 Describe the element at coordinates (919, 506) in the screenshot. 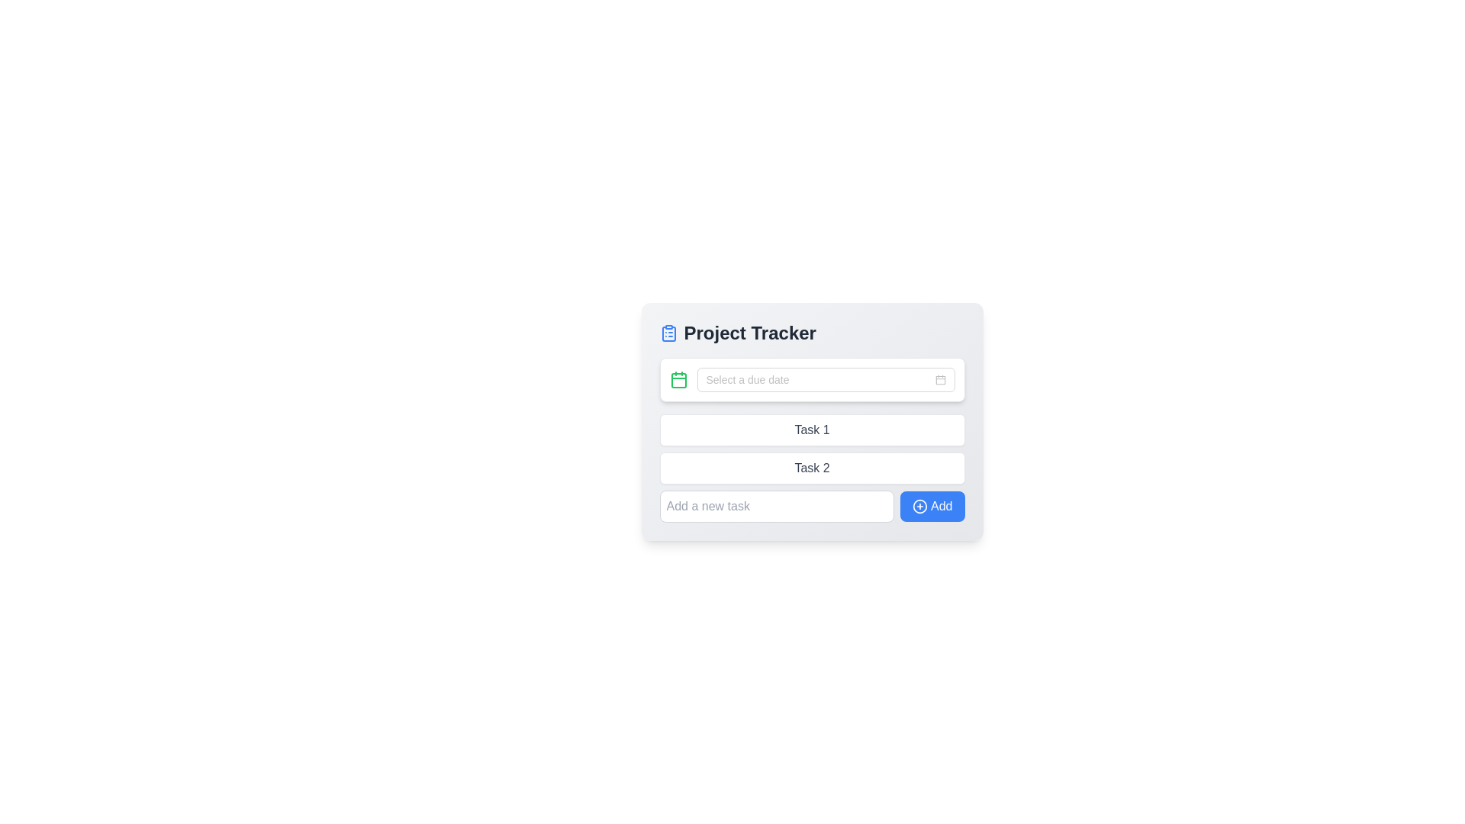

I see `the 'Add' button represented by the circle with a plus symbol located at the bottom-right corner of the task entry section` at that location.